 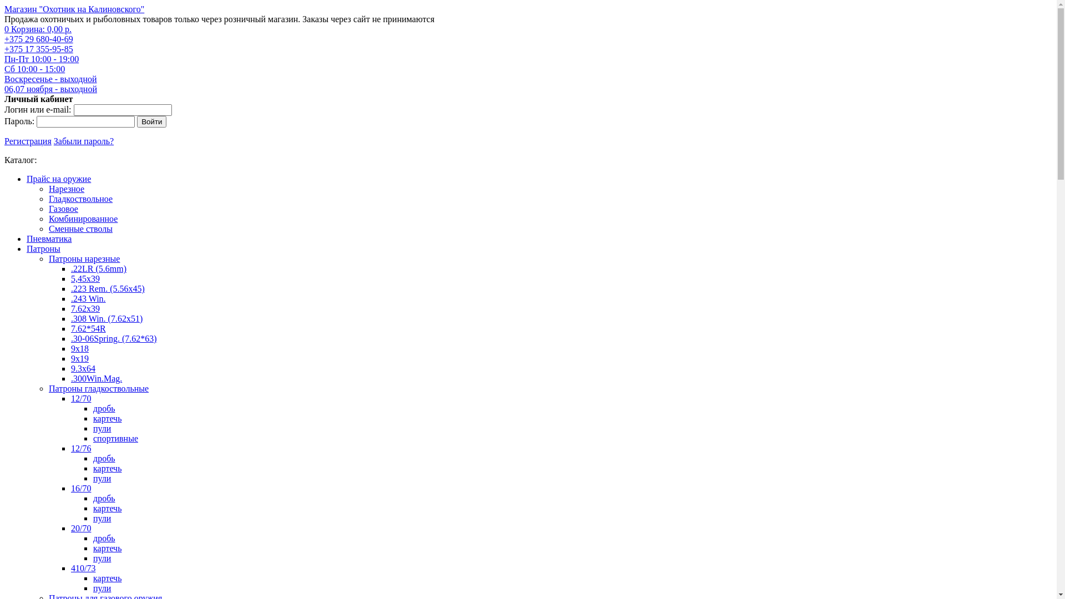 What do you see at coordinates (70, 328) in the screenshot?
I see `'7.62*54R'` at bounding box center [70, 328].